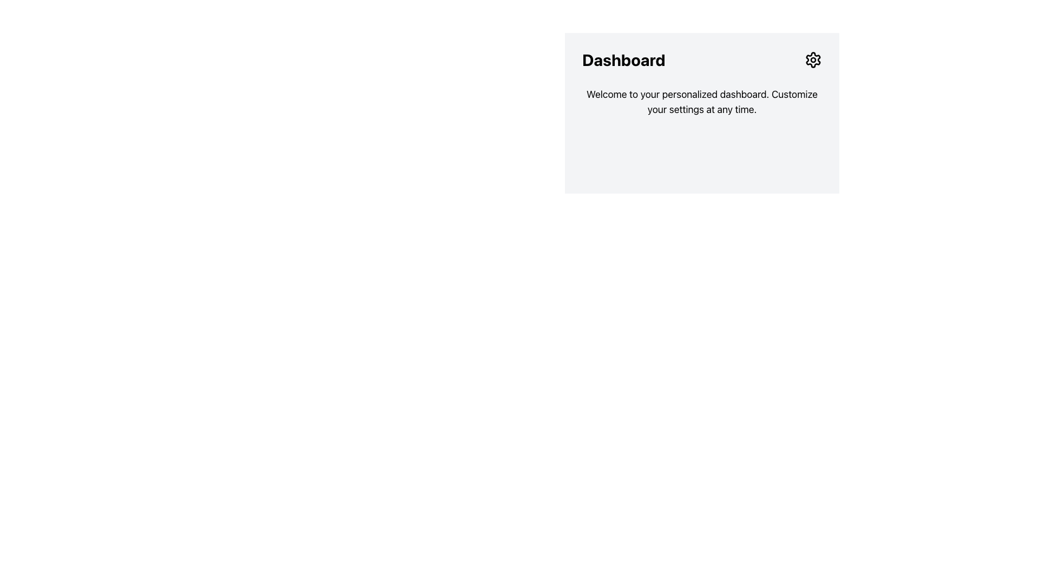 The width and height of the screenshot is (1039, 584). What do you see at coordinates (702, 102) in the screenshot?
I see `the Static Text Block that displays the message 'Welcome to your personalized dashboard. Customize your settings at any time.'` at bounding box center [702, 102].